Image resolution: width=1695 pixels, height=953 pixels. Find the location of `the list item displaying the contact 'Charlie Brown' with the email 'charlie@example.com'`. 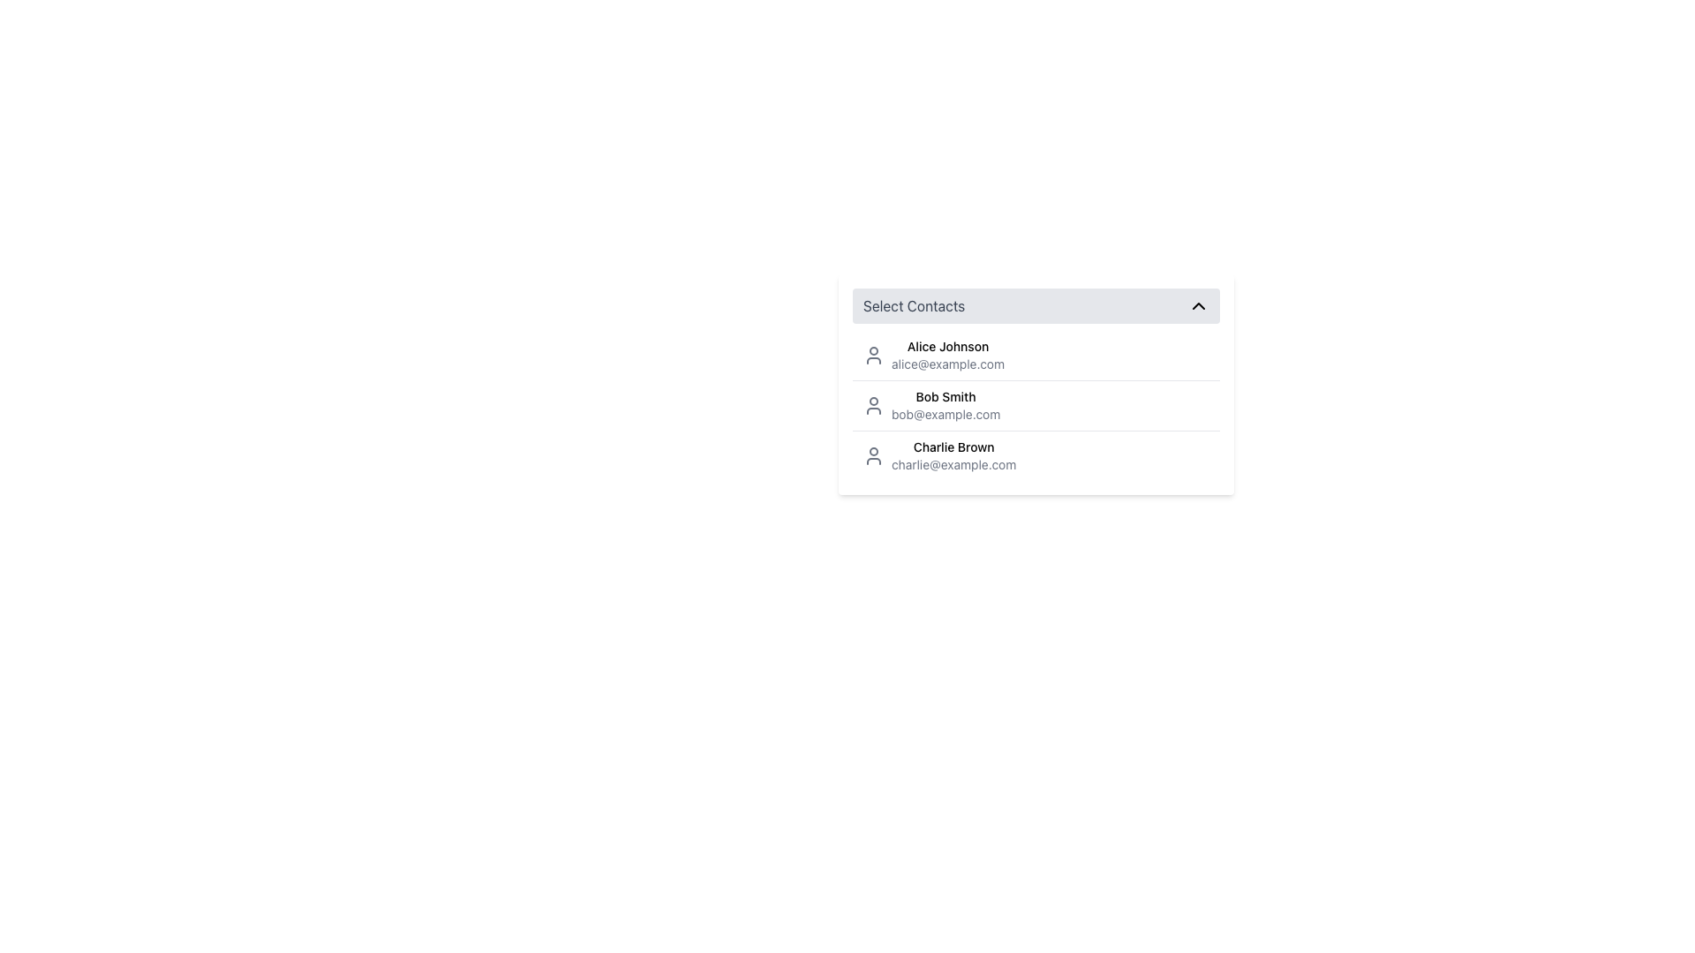

the list item displaying the contact 'Charlie Brown' with the email 'charlie@example.com' is located at coordinates (1036, 454).